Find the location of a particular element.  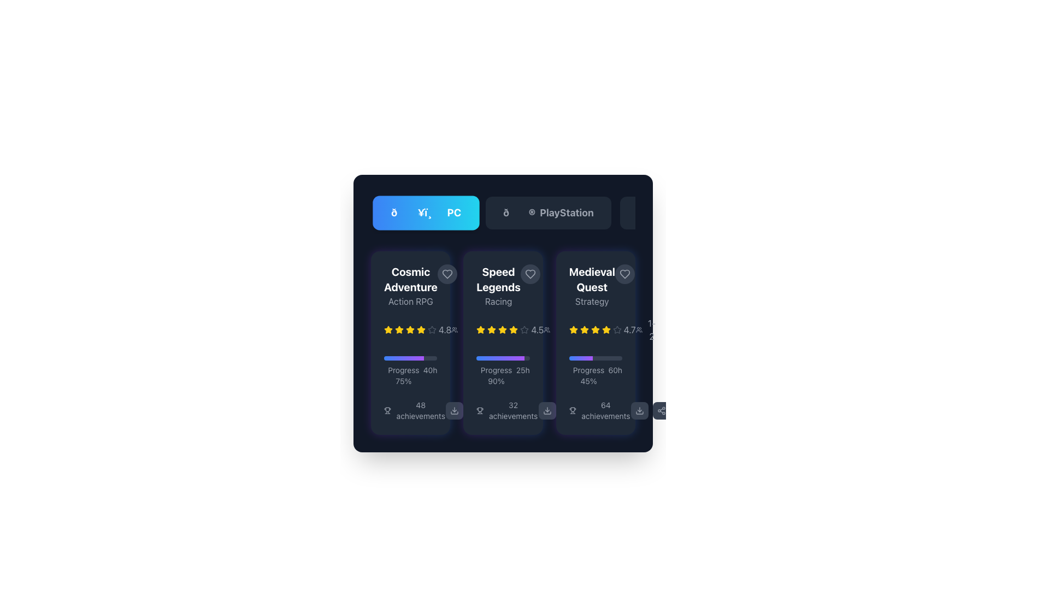

the third yellow star icon in the 'Speed Legends' section to rate or interact is located at coordinates (513, 329).